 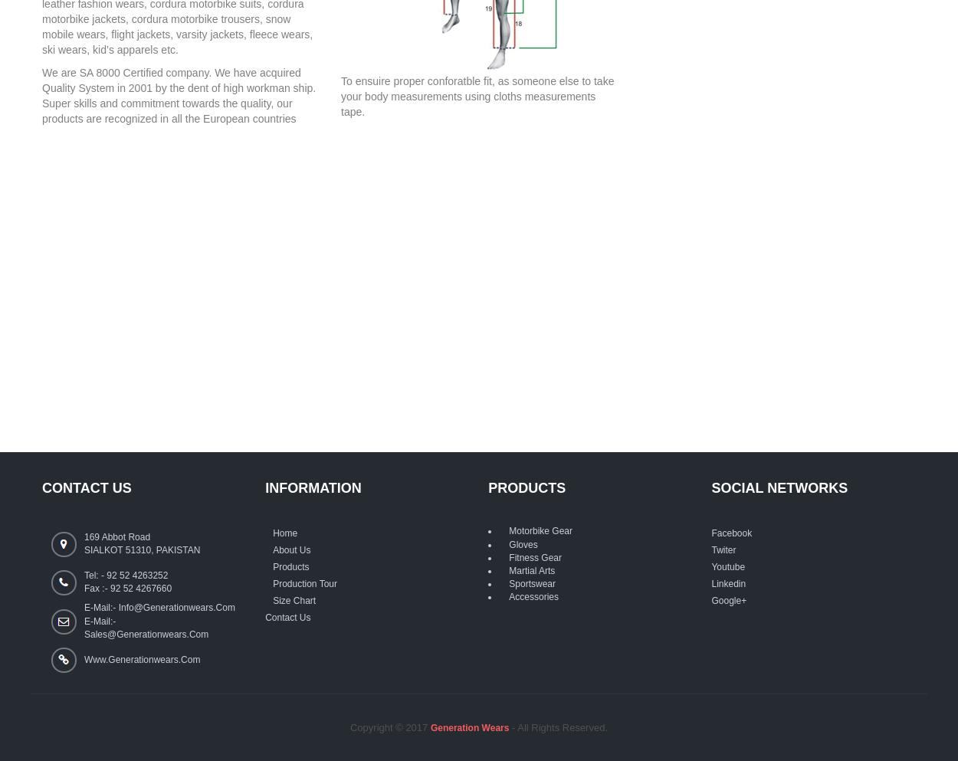 What do you see at coordinates (779, 487) in the screenshot?
I see `'SOCIAL NETWORKS'` at bounding box center [779, 487].